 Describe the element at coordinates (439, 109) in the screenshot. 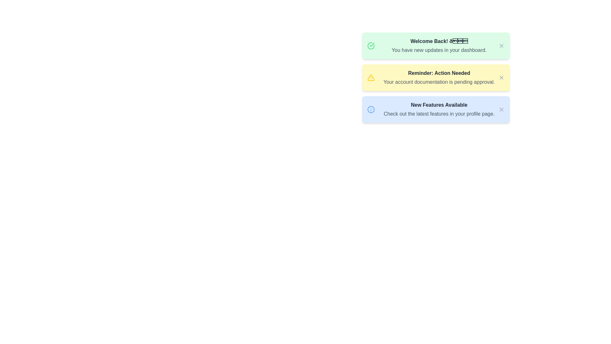

I see `description from the Text display component located at the bottom of the notification cards, which provides information about new features and directs the user to the profile page` at that location.